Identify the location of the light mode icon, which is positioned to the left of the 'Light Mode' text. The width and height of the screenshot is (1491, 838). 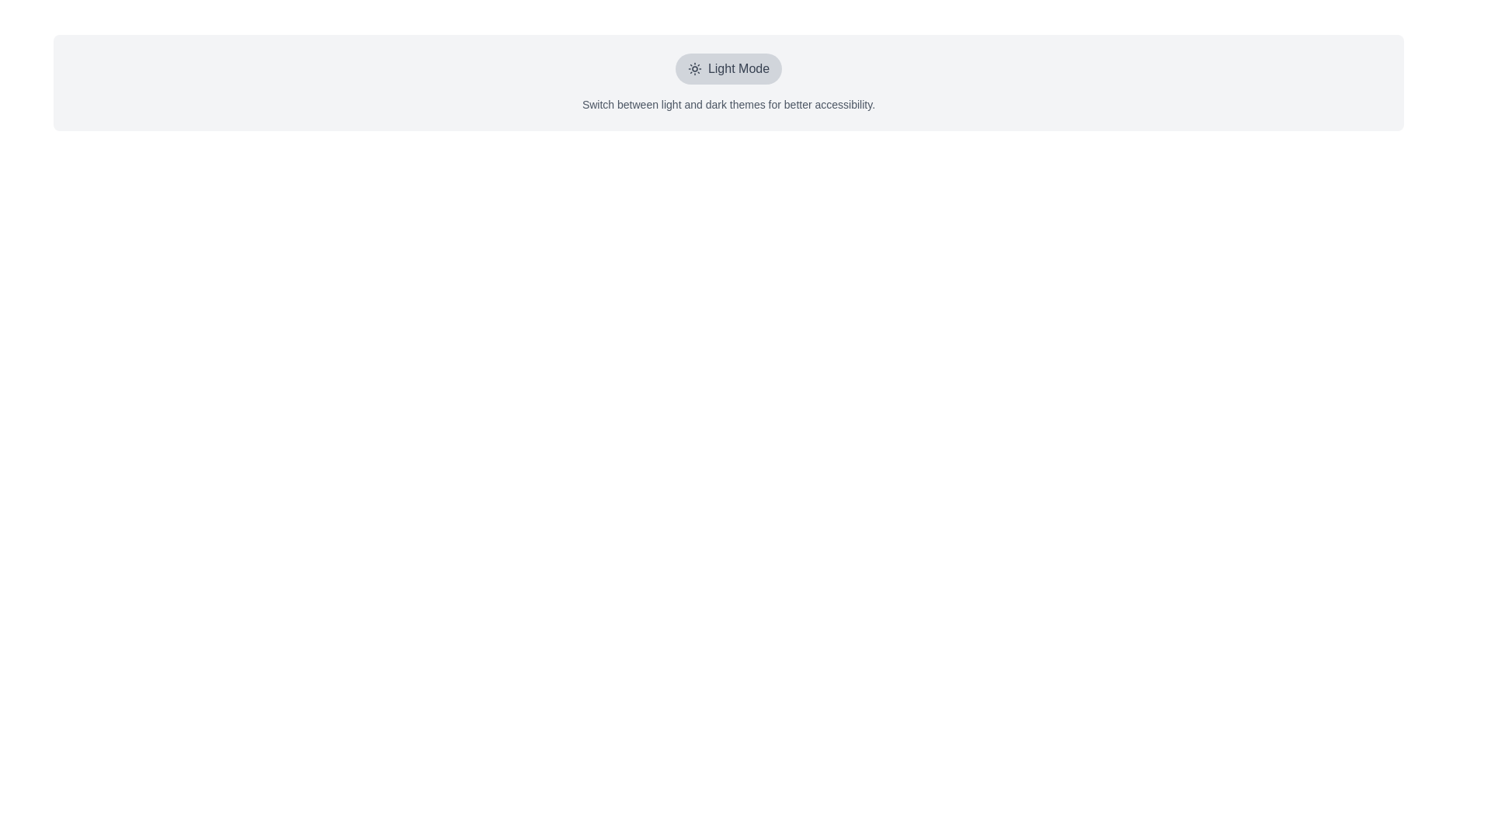
(693, 68).